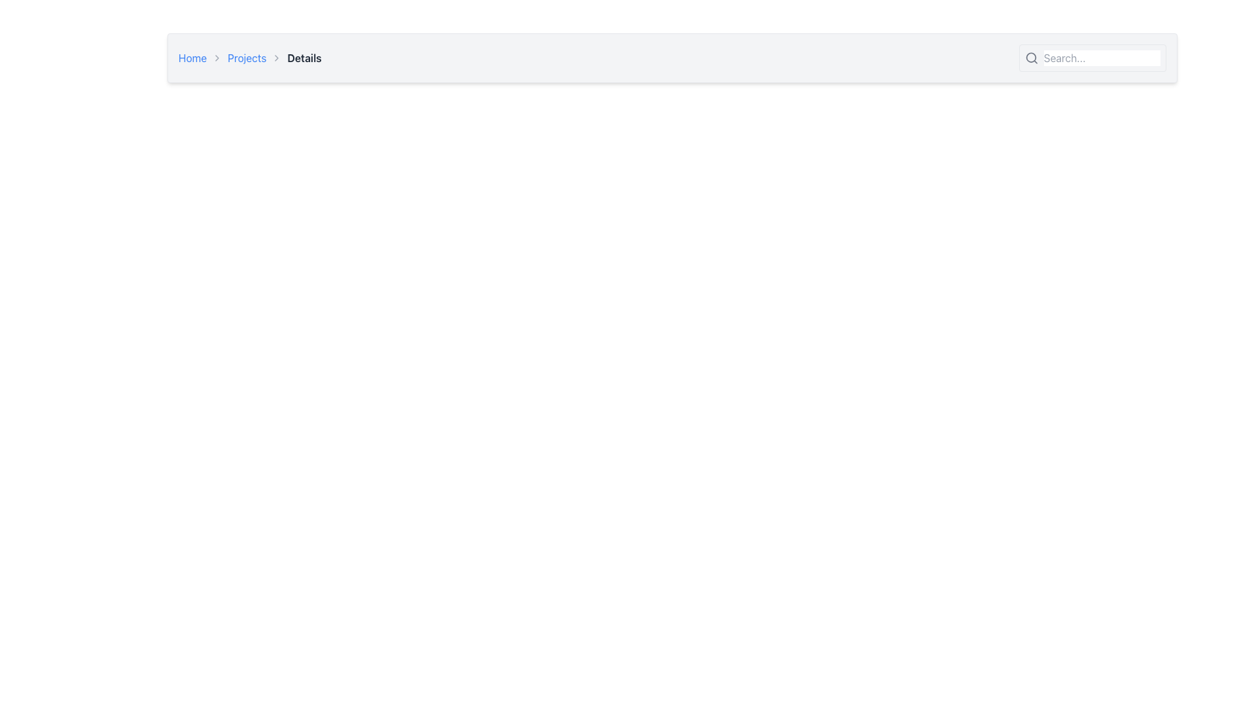 The width and height of the screenshot is (1256, 706). What do you see at coordinates (192, 57) in the screenshot?
I see `the 'Home' hyperlink in the breadcrumb navigation bar` at bounding box center [192, 57].